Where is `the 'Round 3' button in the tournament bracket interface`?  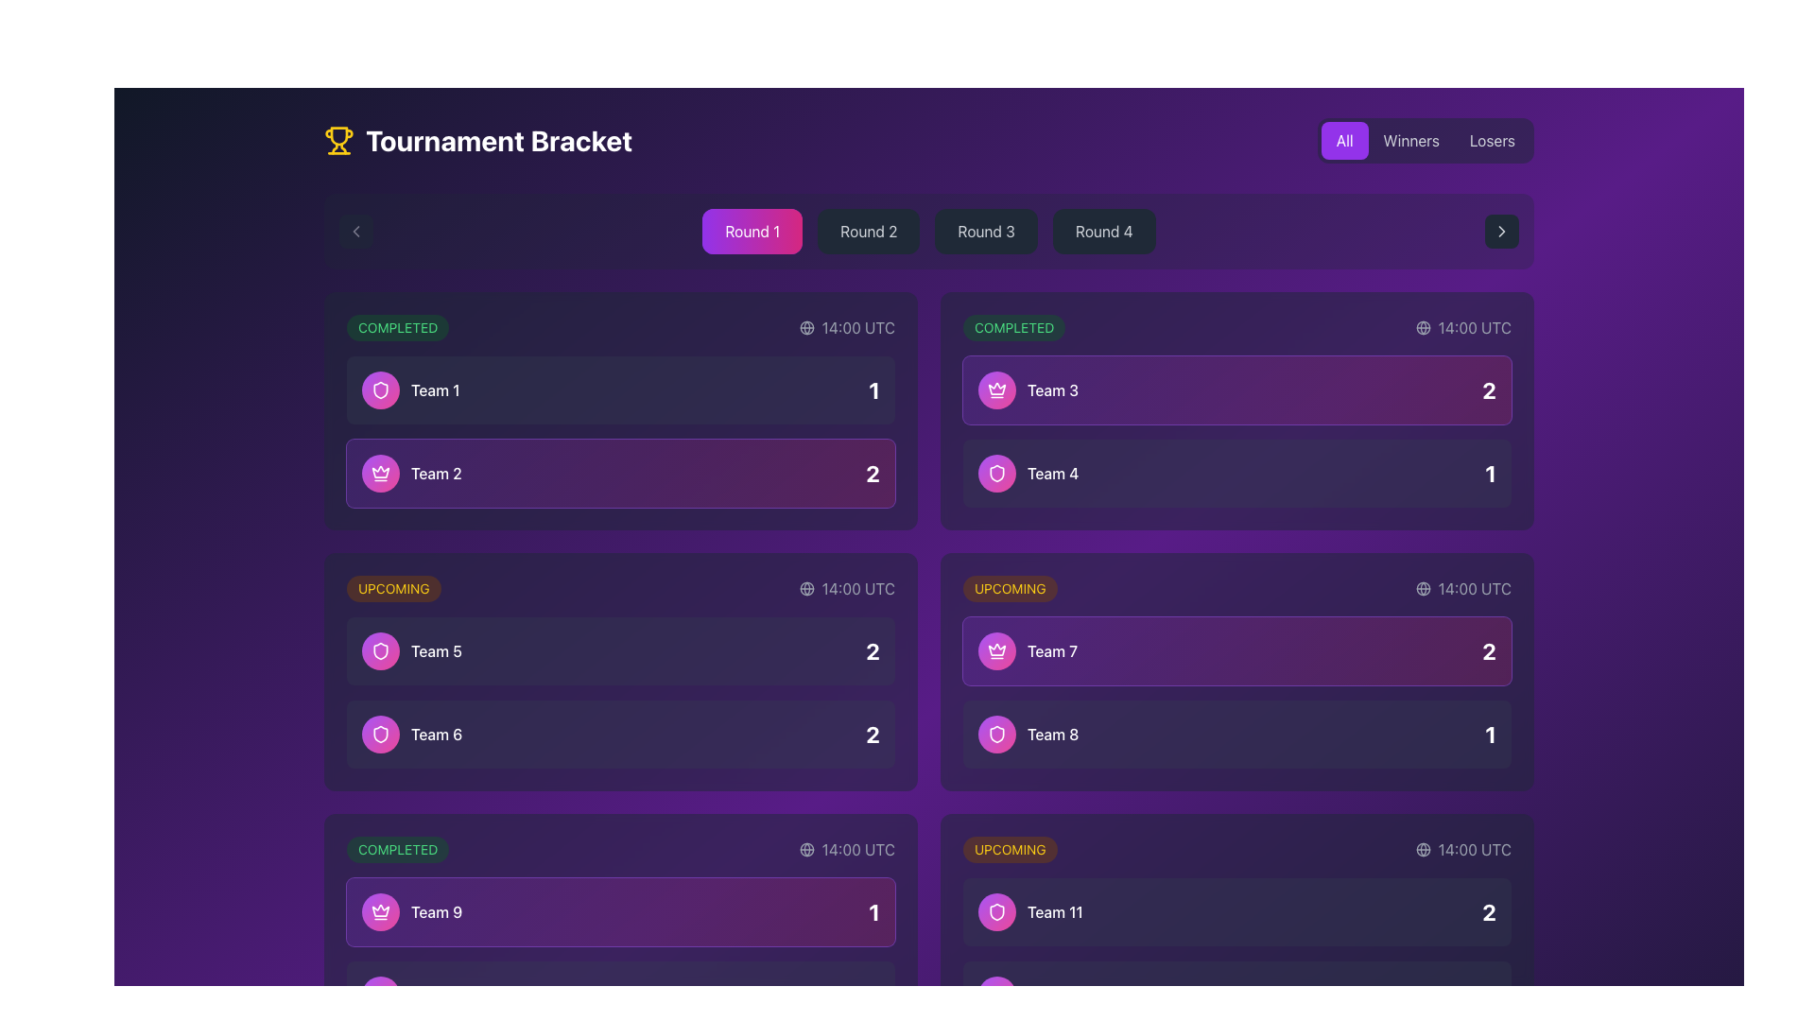 the 'Round 3' button in the tournament bracket interface is located at coordinates (985, 231).